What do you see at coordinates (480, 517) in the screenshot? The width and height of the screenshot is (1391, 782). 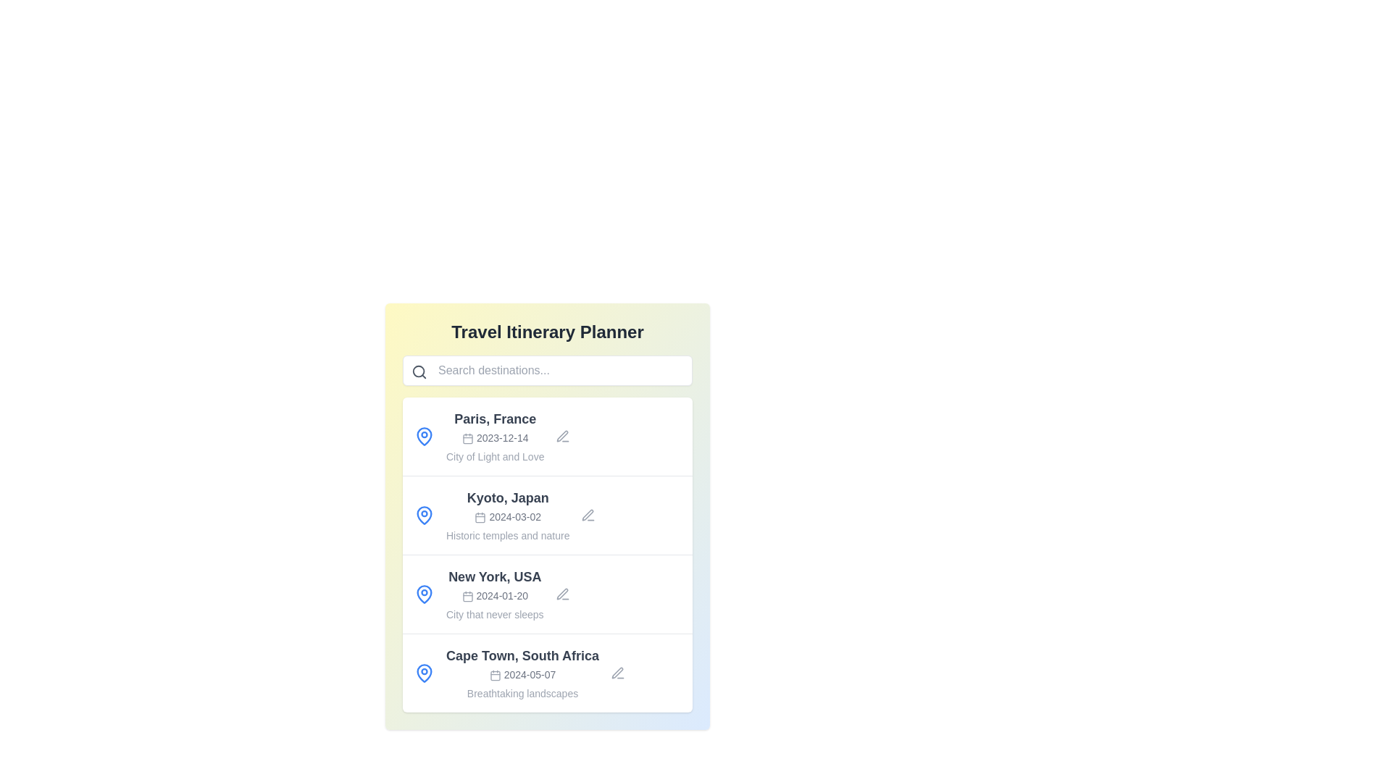 I see `the SVG rounded rectangle element within the calendar icon next to the entry 'Kyoto, Japan'` at bounding box center [480, 517].